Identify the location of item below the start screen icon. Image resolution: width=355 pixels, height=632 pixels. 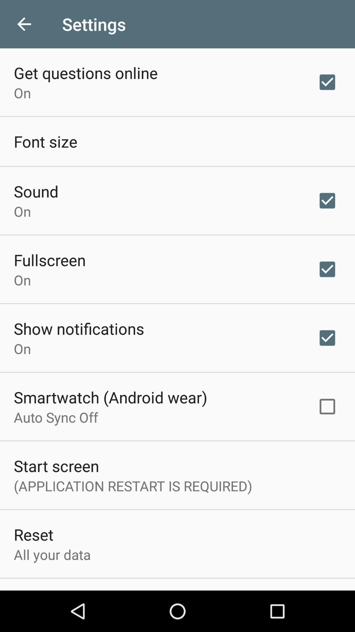
(133, 486).